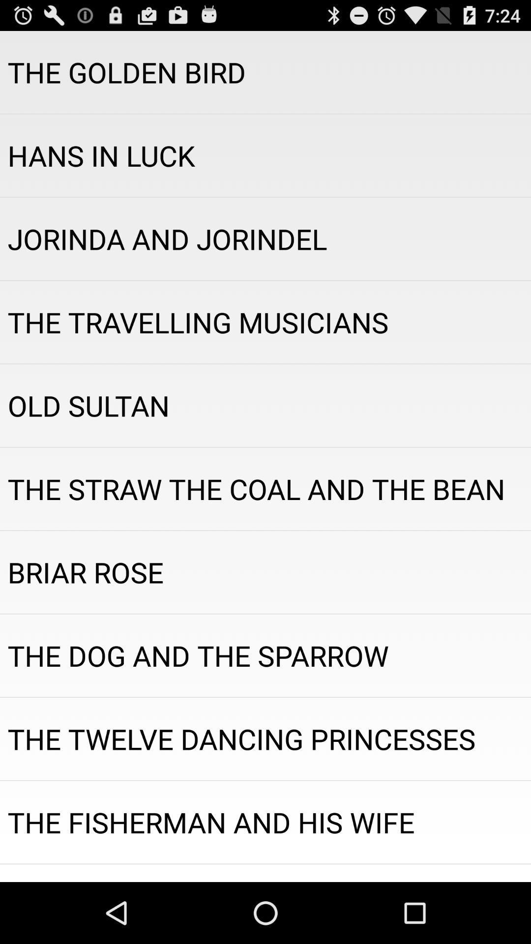 This screenshot has height=944, width=531. Describe the element at coordinates (265, 155) in the screenshot. I see `the item below the the golden bird` at that location.